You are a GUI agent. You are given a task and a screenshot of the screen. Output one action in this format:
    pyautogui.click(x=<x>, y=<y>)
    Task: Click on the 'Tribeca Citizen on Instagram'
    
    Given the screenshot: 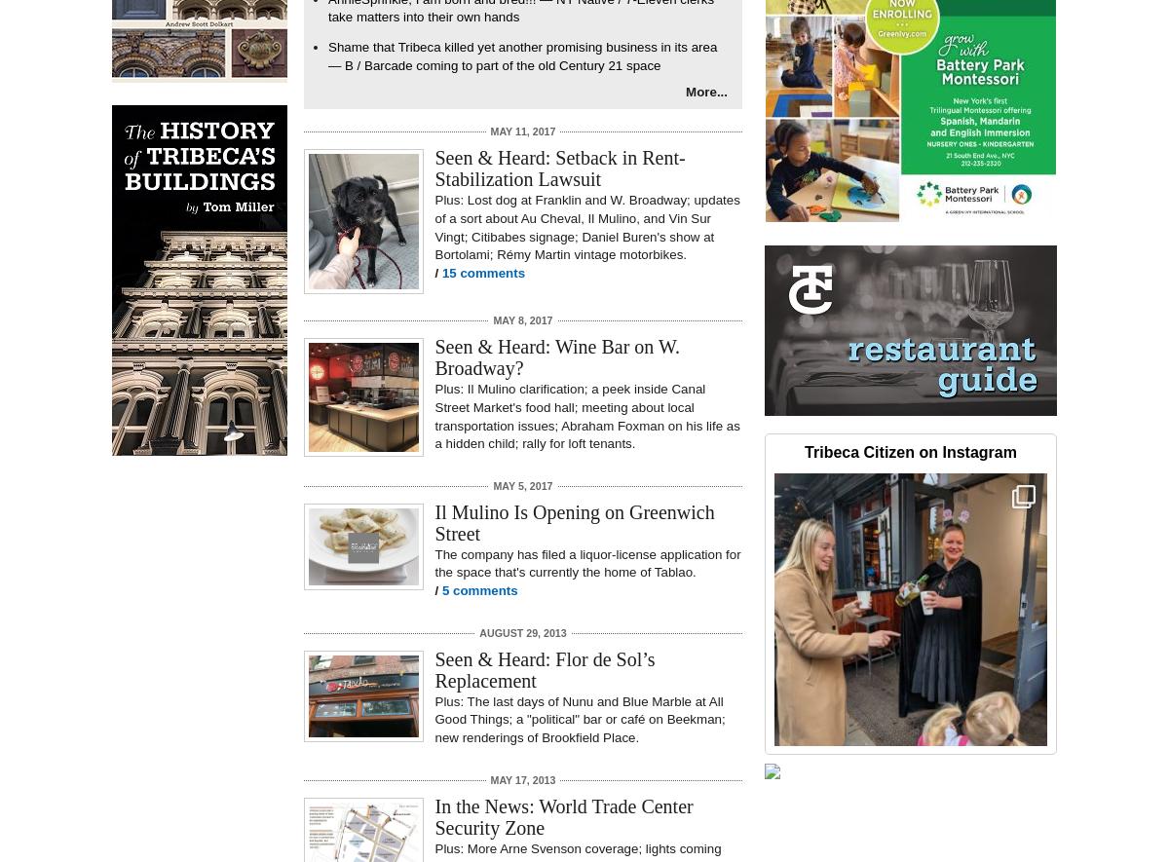 What is the action you would take?
    pyautogui.click(x=803, y=451)
    